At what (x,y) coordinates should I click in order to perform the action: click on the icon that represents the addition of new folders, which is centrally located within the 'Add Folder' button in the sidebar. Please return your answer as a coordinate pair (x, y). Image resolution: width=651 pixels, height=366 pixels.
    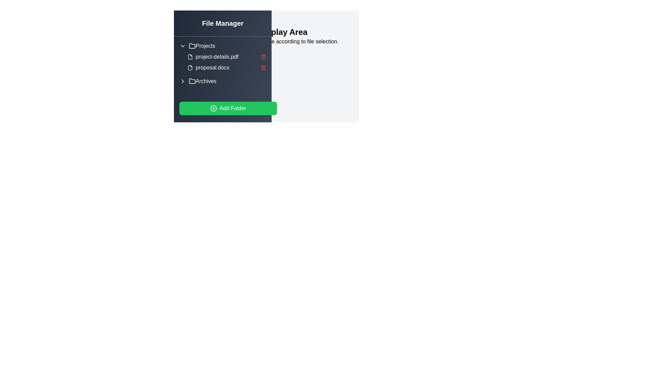
    Looking at the image, I should click on (213, 108).